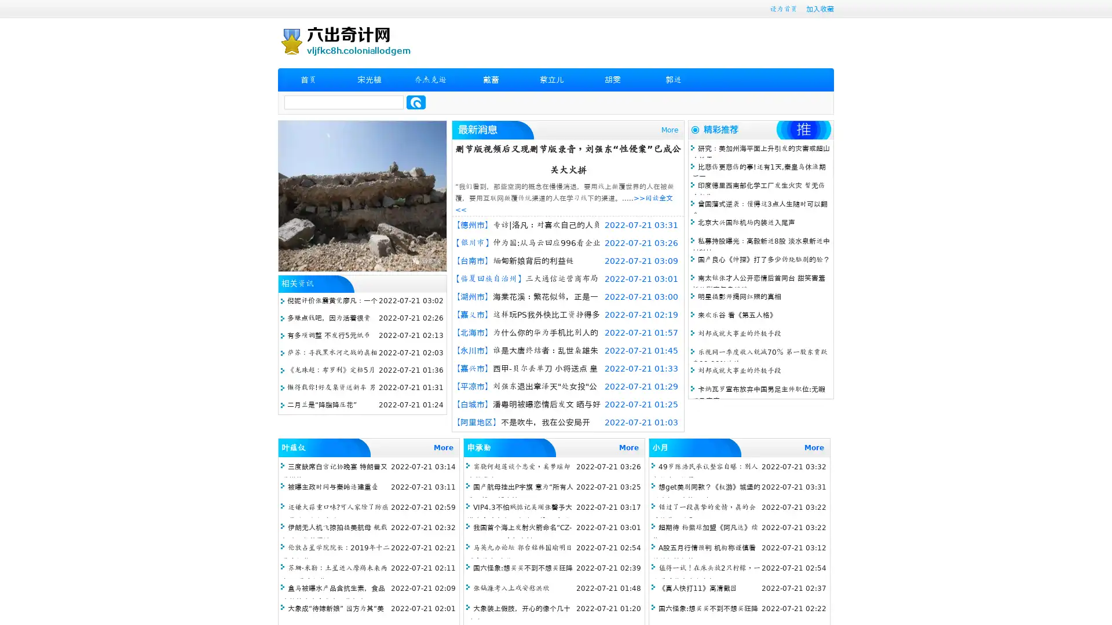 The height and width of the screenshot is (625, 1112). I want to click on Search, so click(416, 102).